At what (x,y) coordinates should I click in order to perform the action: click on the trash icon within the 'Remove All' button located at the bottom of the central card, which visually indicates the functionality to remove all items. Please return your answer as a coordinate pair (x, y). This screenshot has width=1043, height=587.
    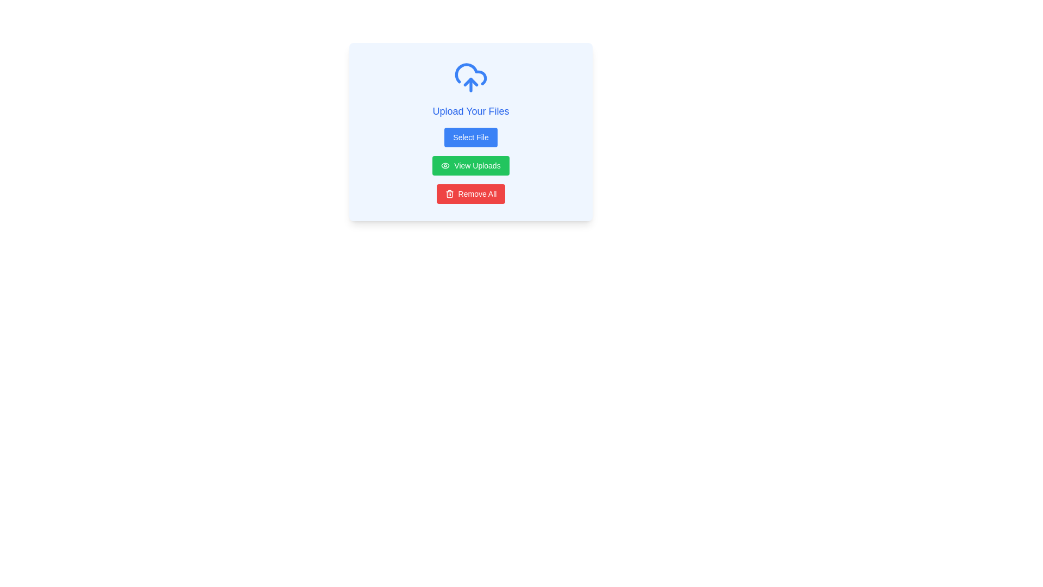
    Looking at the image, I should click on (449, 194).